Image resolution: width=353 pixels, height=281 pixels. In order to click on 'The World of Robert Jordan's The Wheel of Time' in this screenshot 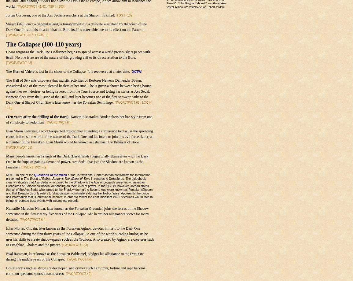, I will do `click(56, 179)`.